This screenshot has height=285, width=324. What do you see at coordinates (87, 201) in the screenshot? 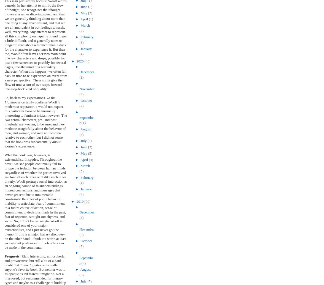
I see `'(99)'` at bounding box center [87, 201].